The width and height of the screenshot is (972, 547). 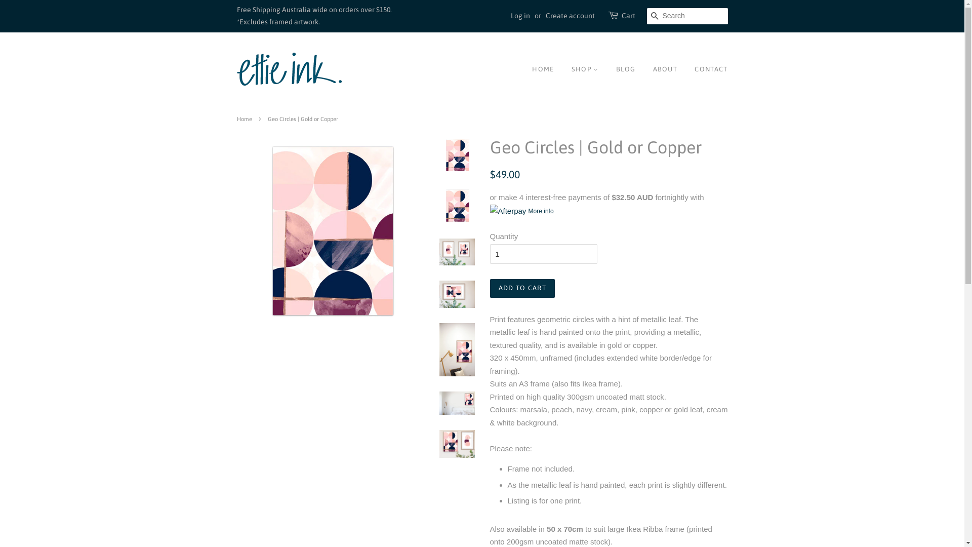 What do you see at coordinates (655, 16) in the screenshot?
I see `'SEARCH'` at bounding box center [655, 16].